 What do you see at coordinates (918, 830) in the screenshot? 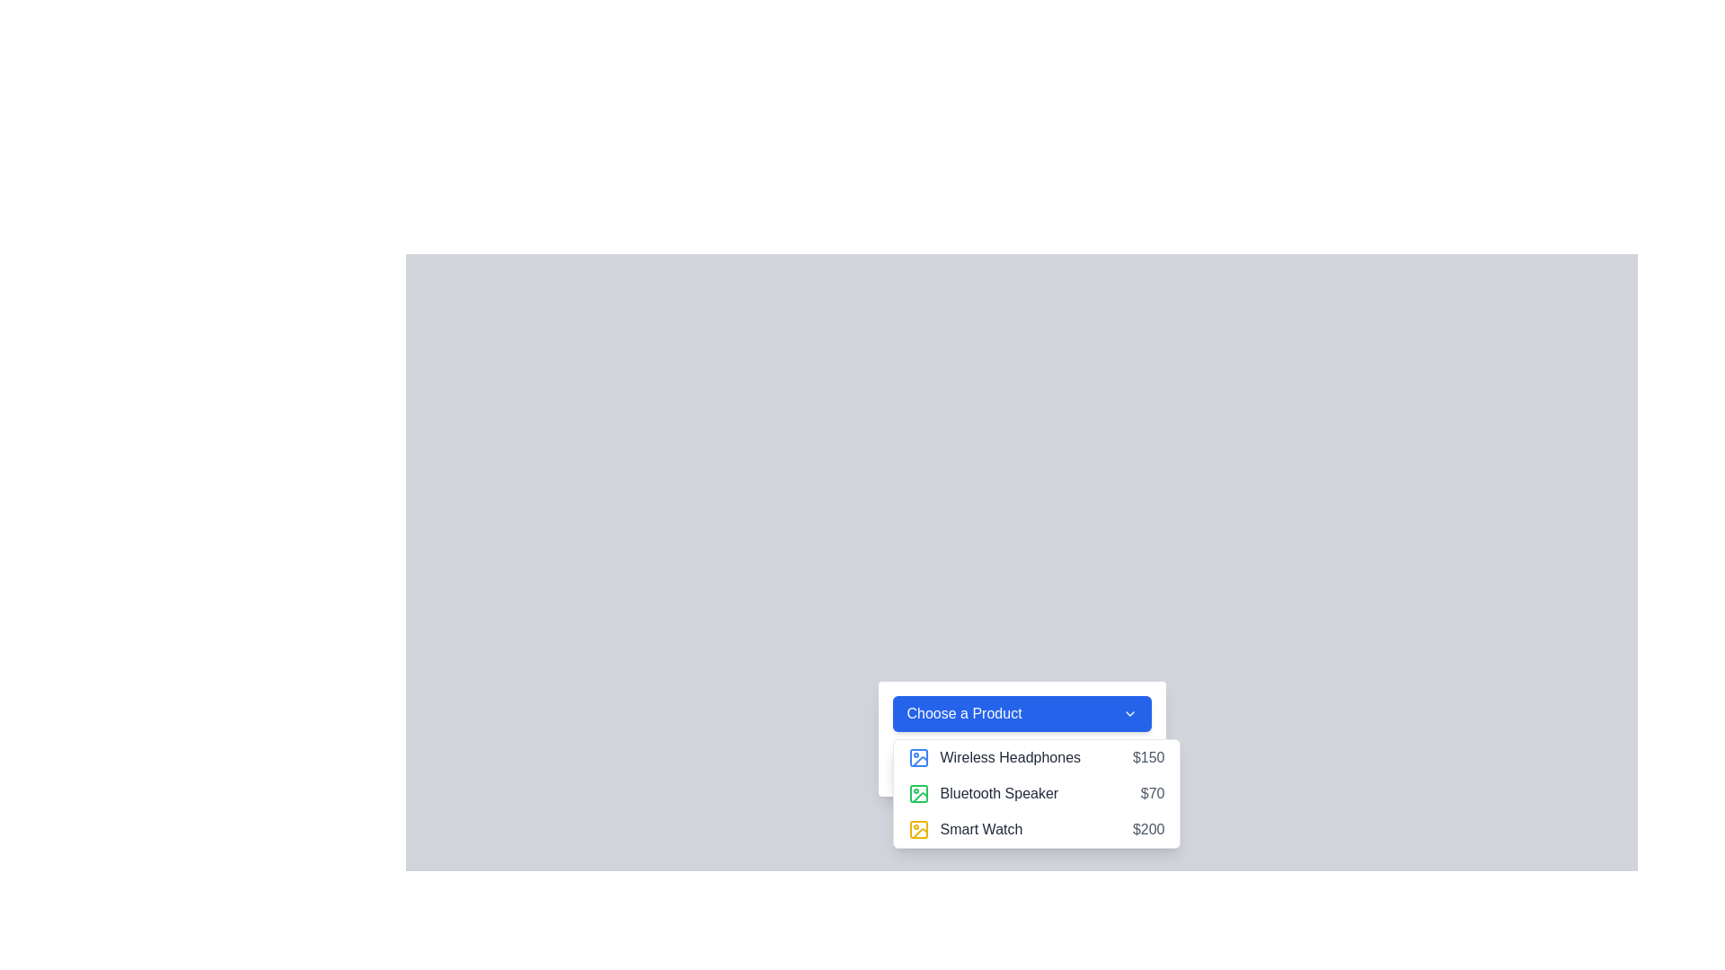
I see `the last icon on the right side of the dropdown menu, which is a rounded rectangle with a solid yellow fill representing a list icon for a specific item` at bounding box center [918, 830].